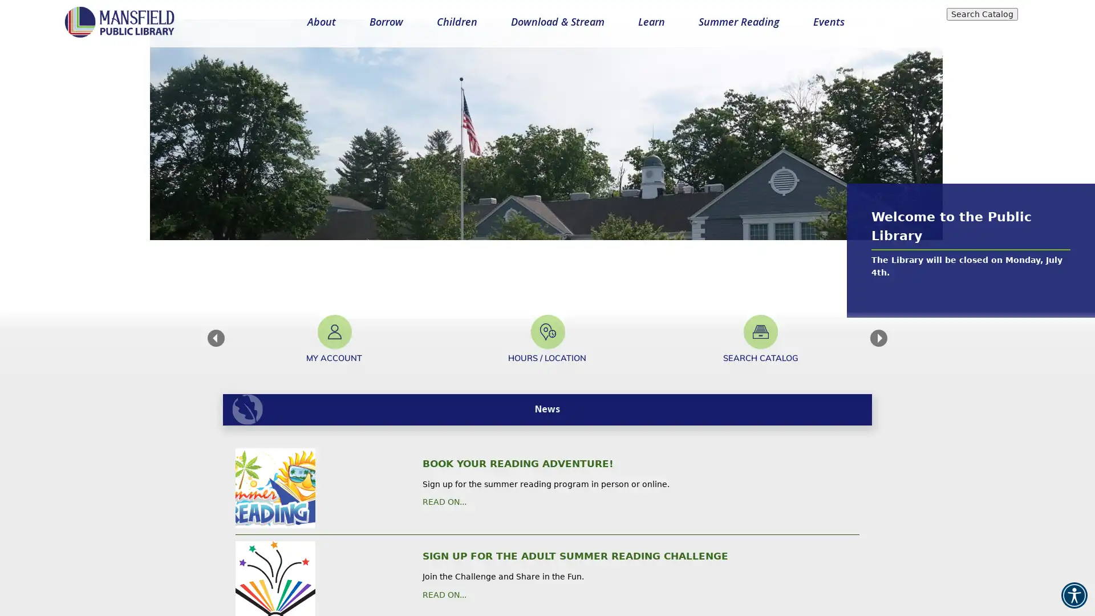  I want to click on Search Catalog, so click(982, 14).